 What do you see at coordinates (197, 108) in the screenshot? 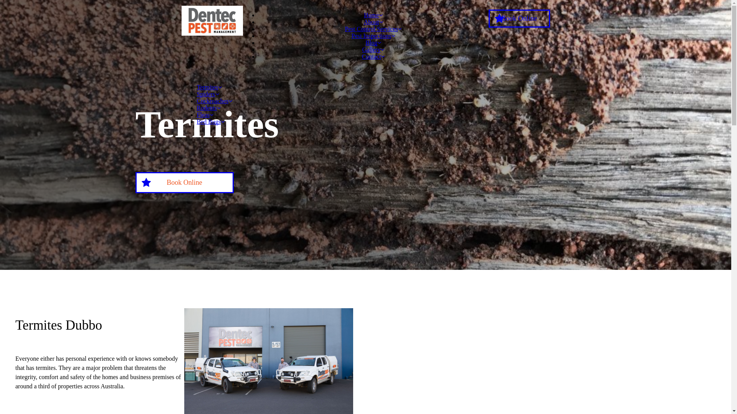
I see `'Rodents'` at bounding box center [197, 108].